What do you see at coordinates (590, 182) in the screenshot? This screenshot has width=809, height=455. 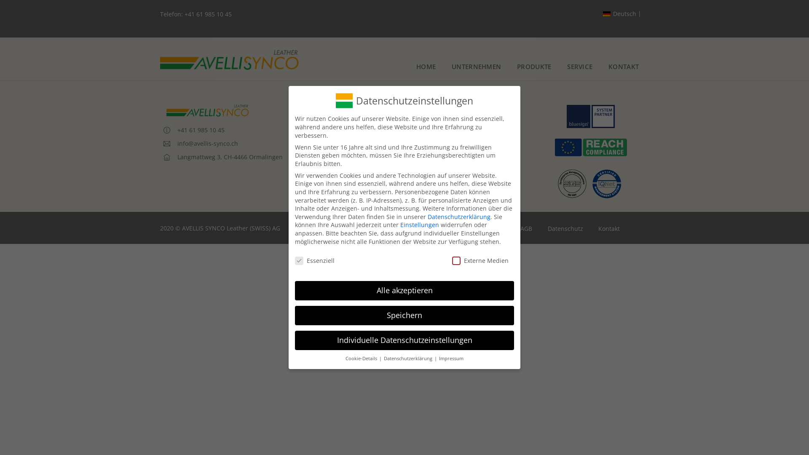 I see `'SQS-IQ-Net'` at bounding box center [590, 182].